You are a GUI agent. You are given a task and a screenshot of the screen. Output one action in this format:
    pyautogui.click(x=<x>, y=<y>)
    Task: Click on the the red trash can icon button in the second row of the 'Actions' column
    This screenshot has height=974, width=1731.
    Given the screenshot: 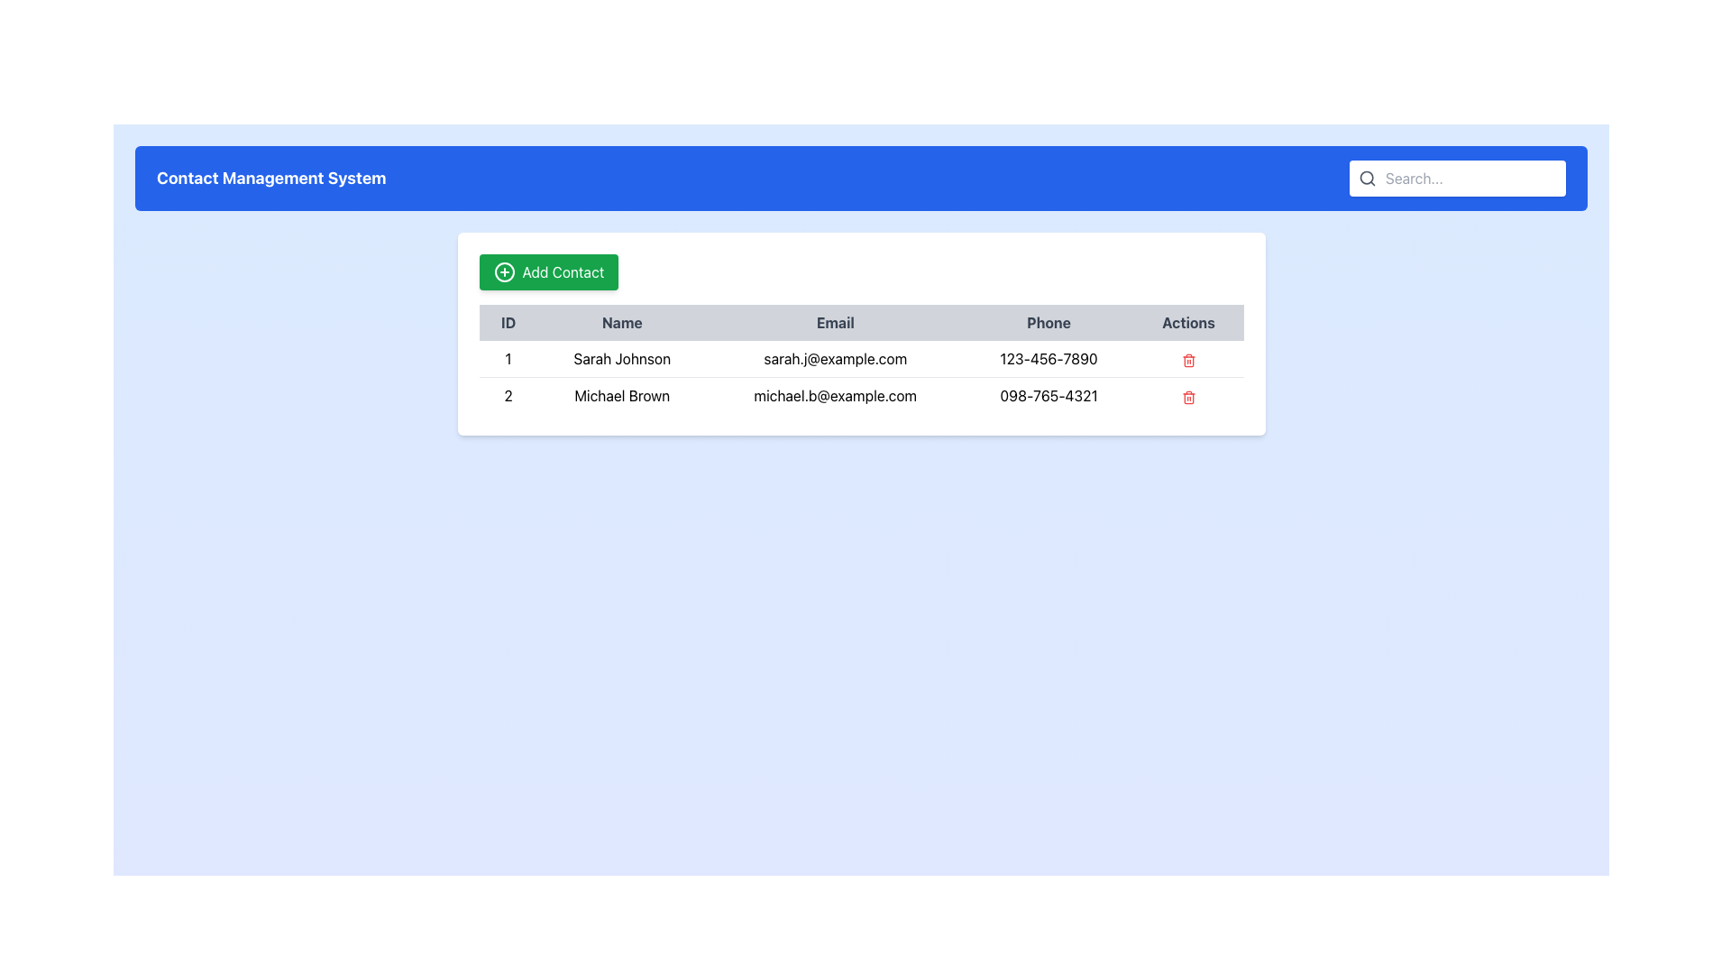 What is the action you would take?
    pyautogui.click(x=1188, y=395)
    